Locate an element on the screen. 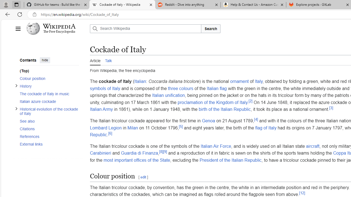 Image resolution: width=351 pixels, height=197 pixels. 'Italian Air Force' is located at coordinates (216, 146).